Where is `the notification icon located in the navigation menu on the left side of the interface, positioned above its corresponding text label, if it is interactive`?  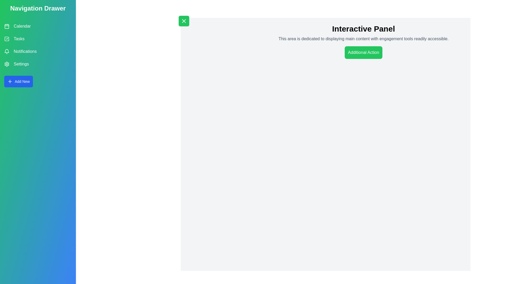
the notification icon located in the navigation menu on the left side of the interface, positioned above its corresponding text label, if it is interactive is located at coordinates (7, 52).